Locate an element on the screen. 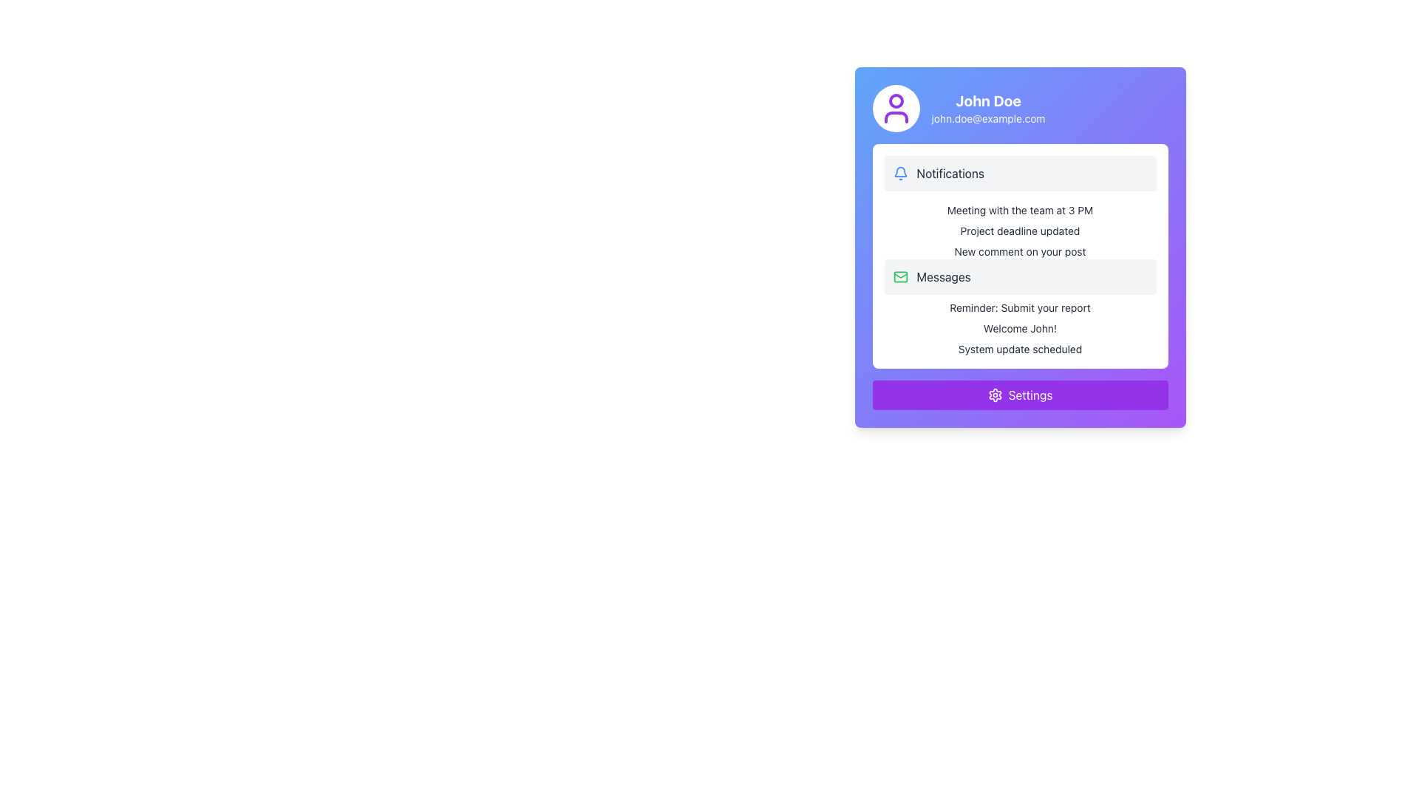 The image size is (1419, 798). the informational text that serves as a reminder, positioned below the 'Messages' heading and above the messages 'Welcome John!' and 'System update scheduled' is located at coordinates (1019, 307).